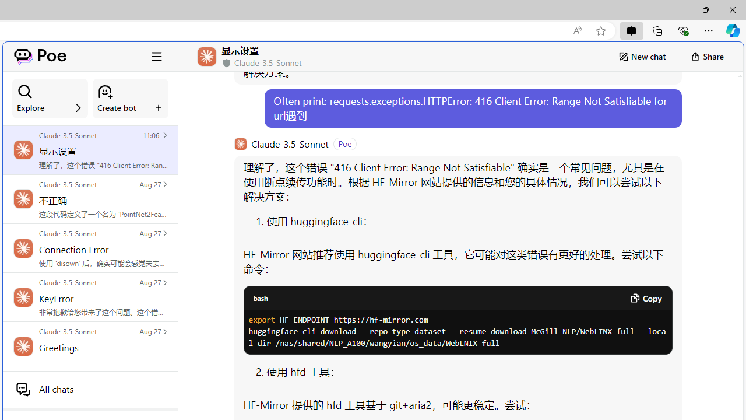  Describe the element at coordinates (25, 91) in the screenshot. I see `'Class: ManageBotsCardSection_searchIcon__laGLi'` at that location.